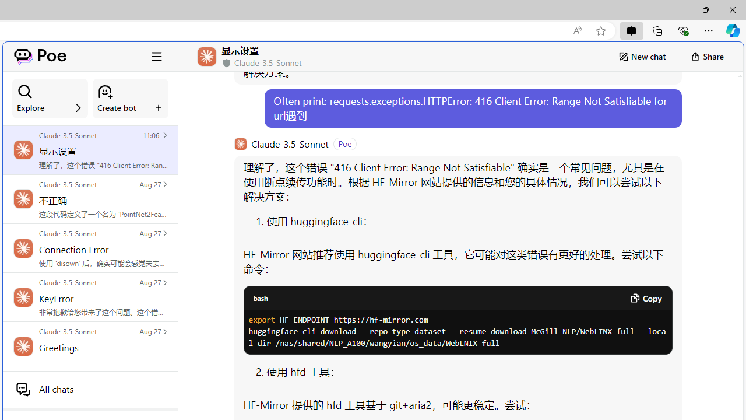  Describe the element at coordinates (25, 91) in the screenshot. I see `'Class: ManageBotsCardSection_searchIcon__laGLi'` at that location.